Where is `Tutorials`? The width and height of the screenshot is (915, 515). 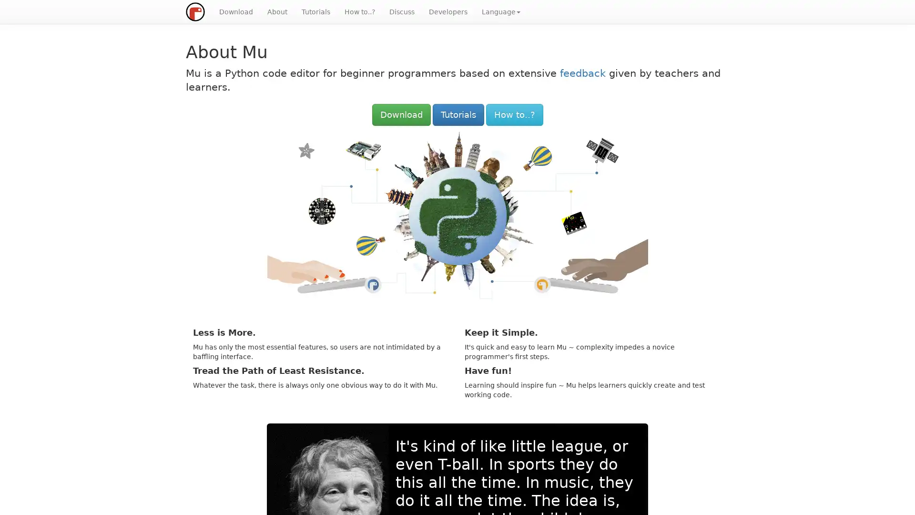 Tutorials is located at coordinates (457, 114).